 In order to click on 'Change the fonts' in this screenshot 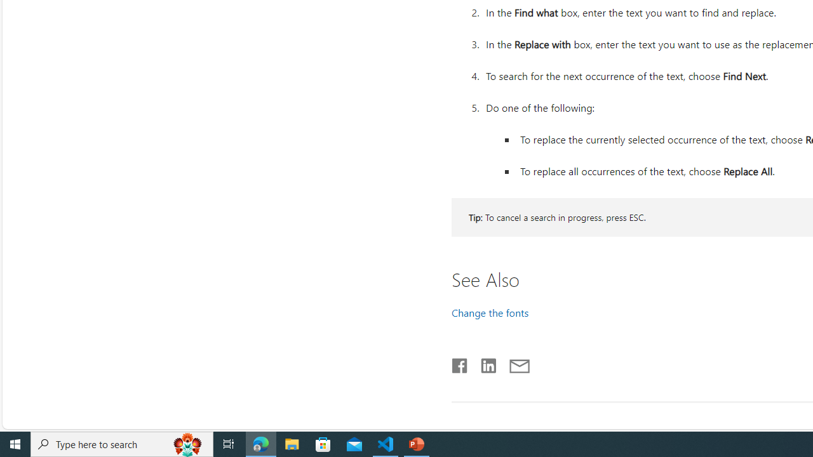, I will do `click(489, 312)`.